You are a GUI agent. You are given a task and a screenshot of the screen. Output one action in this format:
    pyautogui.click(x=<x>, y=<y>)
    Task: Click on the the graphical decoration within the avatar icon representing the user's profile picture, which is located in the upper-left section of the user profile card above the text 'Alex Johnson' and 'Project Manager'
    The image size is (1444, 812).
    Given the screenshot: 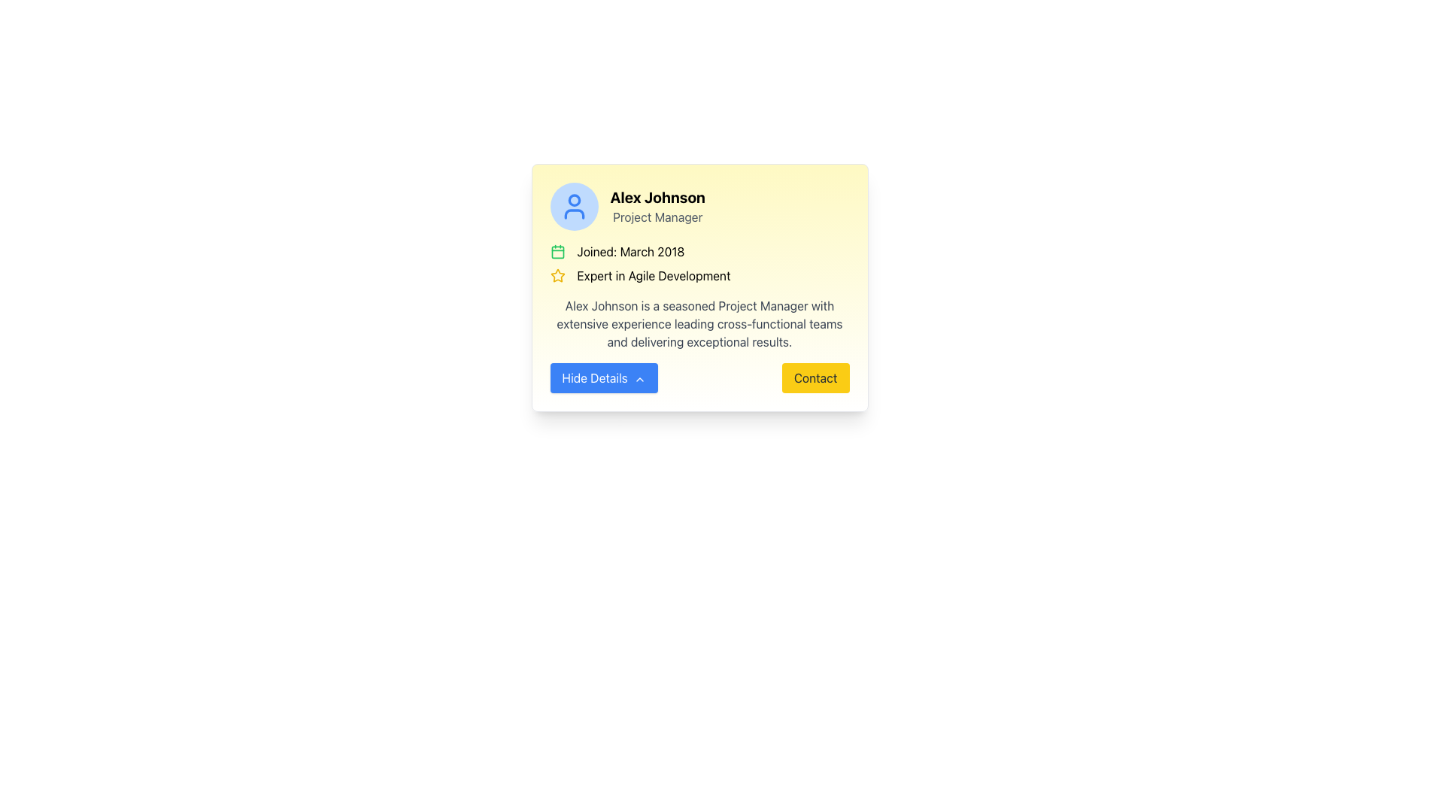 What is the action you would take?
    pyautogui.click(x=573, y=199)
    